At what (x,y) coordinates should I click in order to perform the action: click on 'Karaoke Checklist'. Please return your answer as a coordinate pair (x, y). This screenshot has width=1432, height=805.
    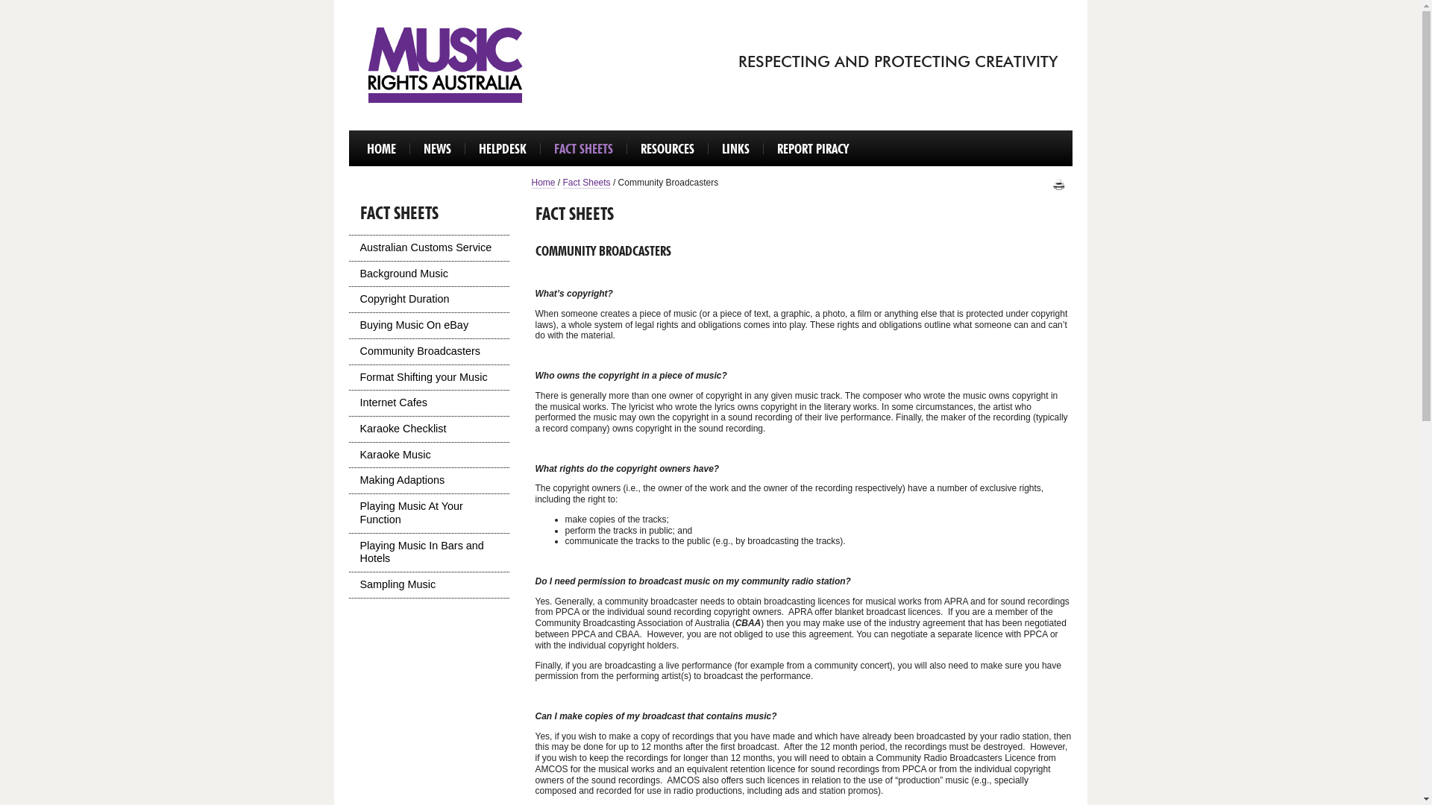
    Looking at the image, I should click on (428, 429).